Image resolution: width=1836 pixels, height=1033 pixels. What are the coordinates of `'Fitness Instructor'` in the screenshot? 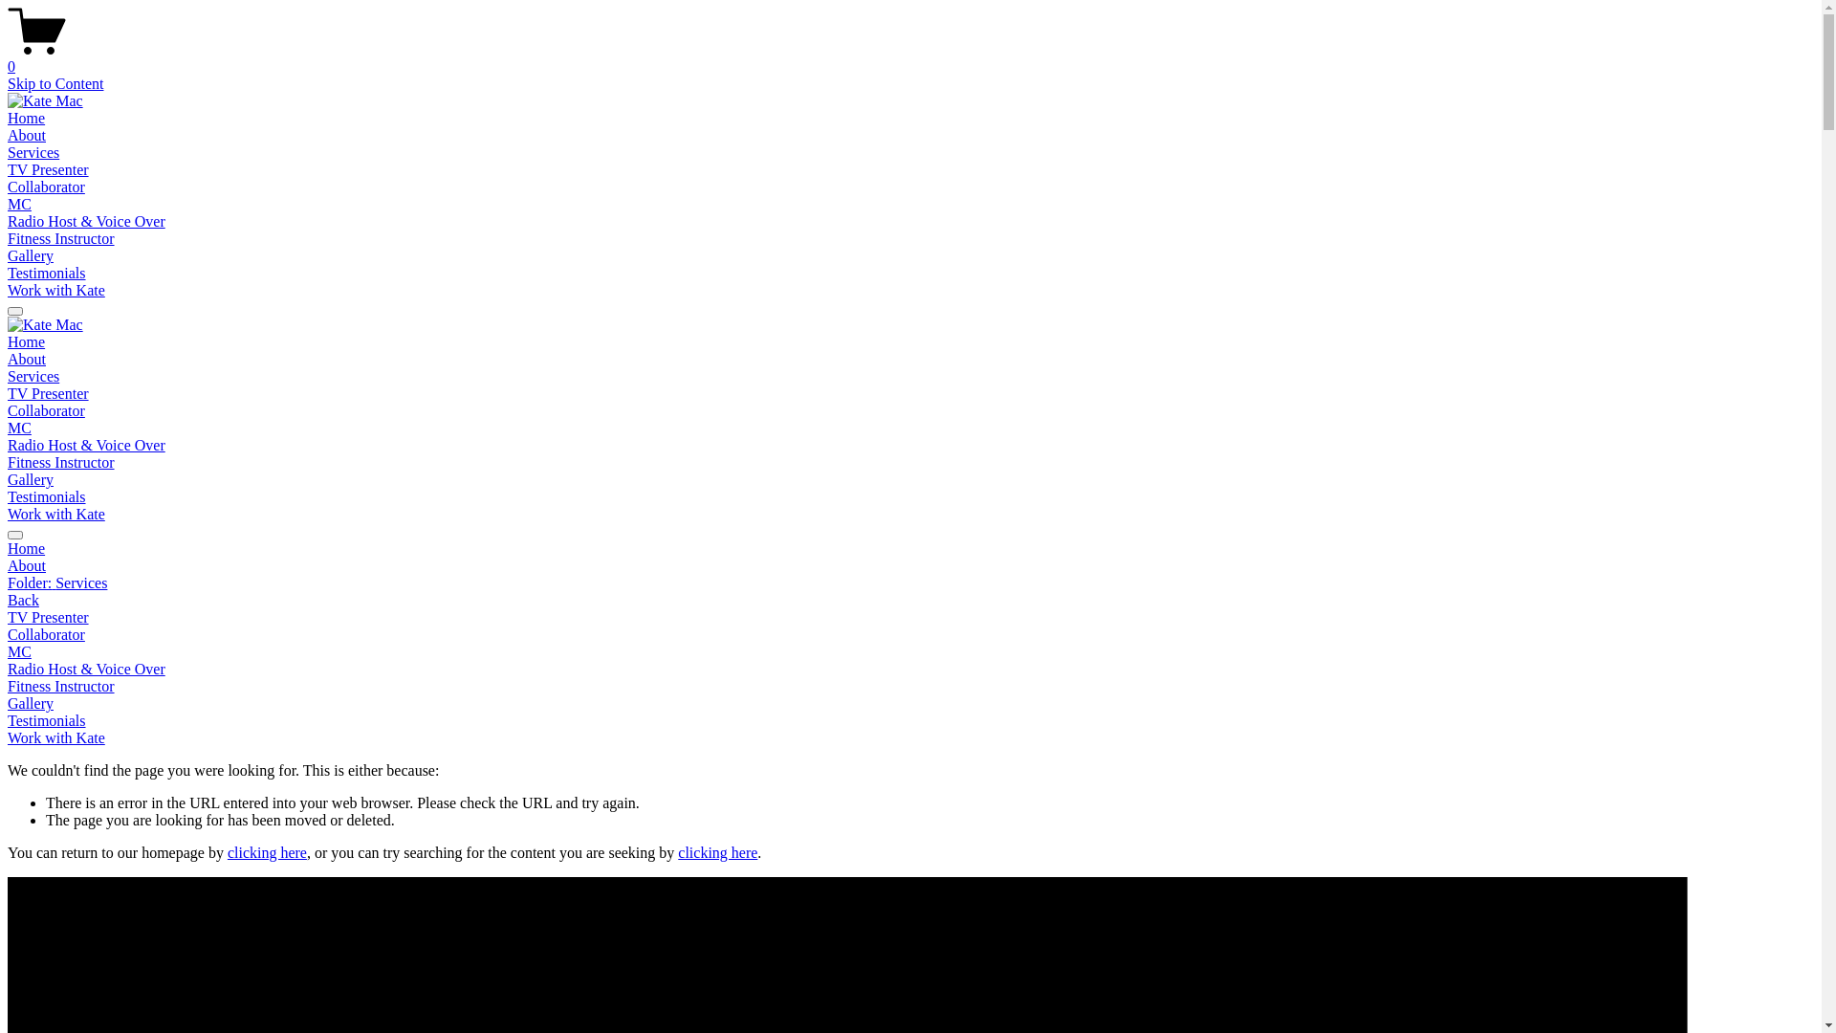 It's located at (8, 237).